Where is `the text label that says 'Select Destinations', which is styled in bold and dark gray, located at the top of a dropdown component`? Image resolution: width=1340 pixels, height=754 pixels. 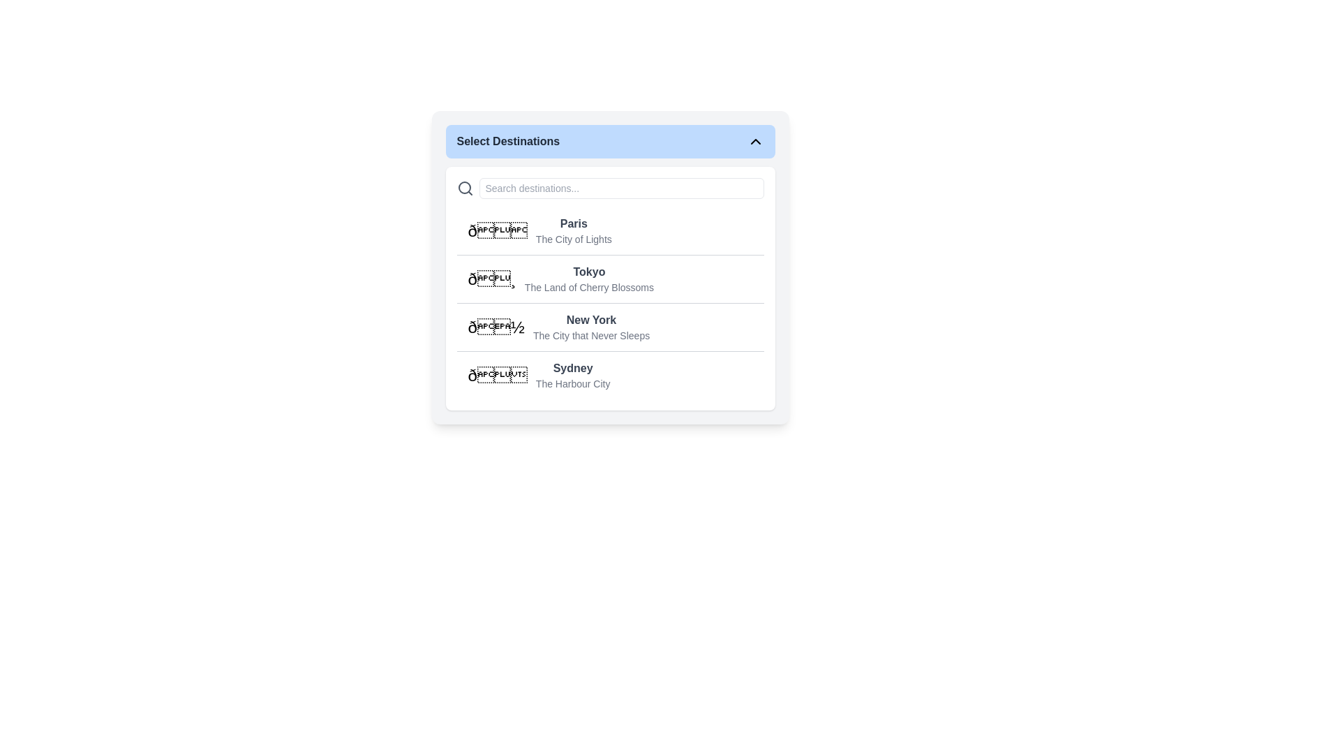
the text label that says 'Select Destinations', which is styled in bold and dark gray, located at the top of a dropdown component is located at coordinates (507, 142).